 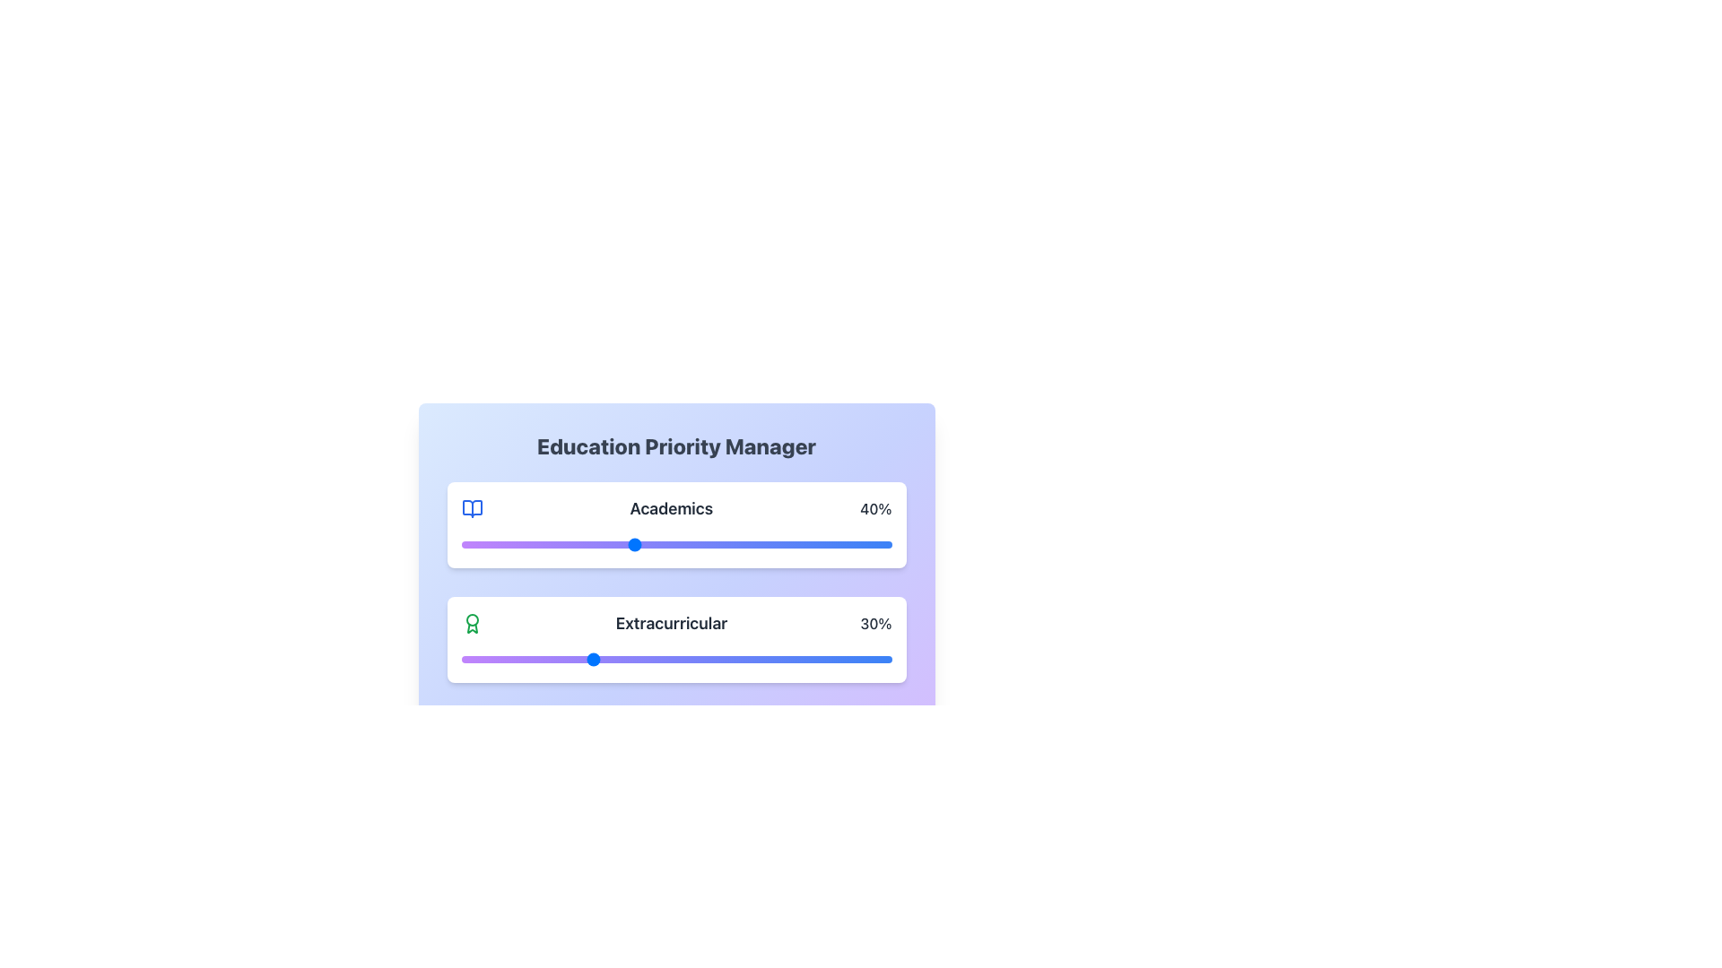 What do you see at coordinates (709, 660) in the screenshot?
I see `'Extracurricular' value` at bounding box center [709, 660].